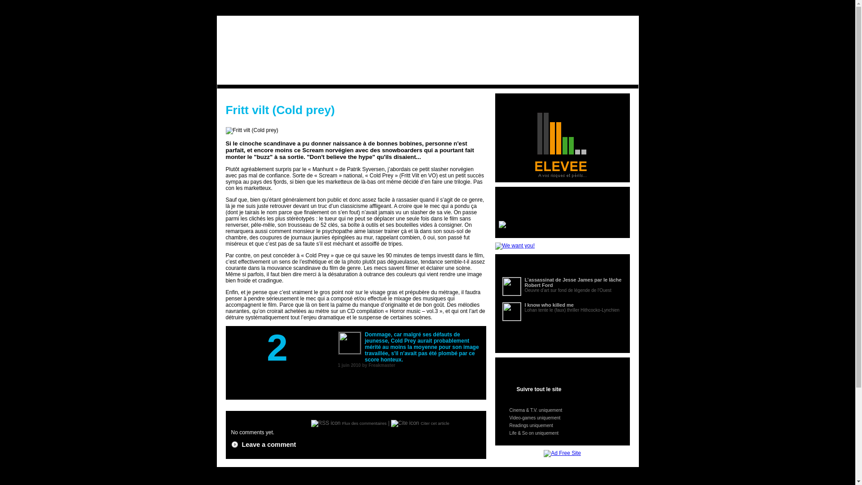 The image size is (862, 485). Describe the element at coordinates (562, 410) in the screenshot. I see `'Cinema & T.V. uniquement'` at that location.